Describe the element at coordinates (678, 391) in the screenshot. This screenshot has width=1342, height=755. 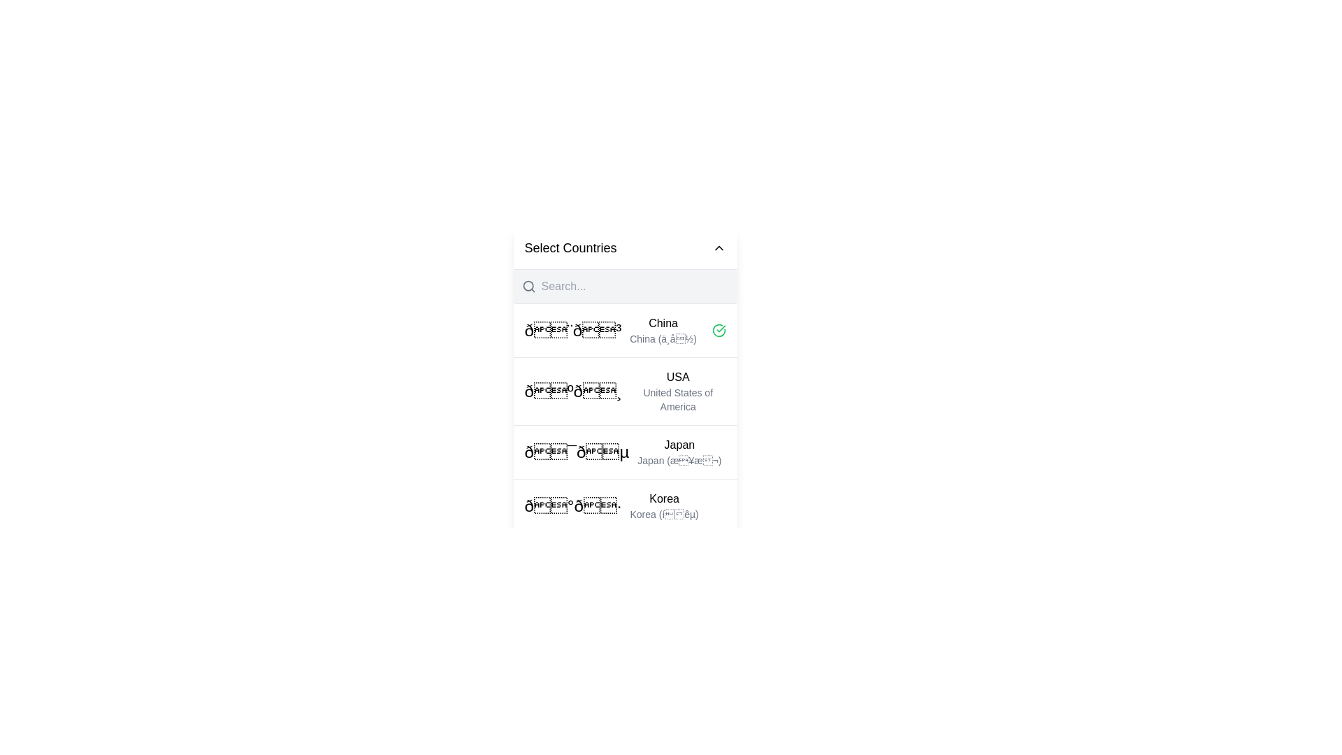
I see `the list item displaying 'USA'` at that location.